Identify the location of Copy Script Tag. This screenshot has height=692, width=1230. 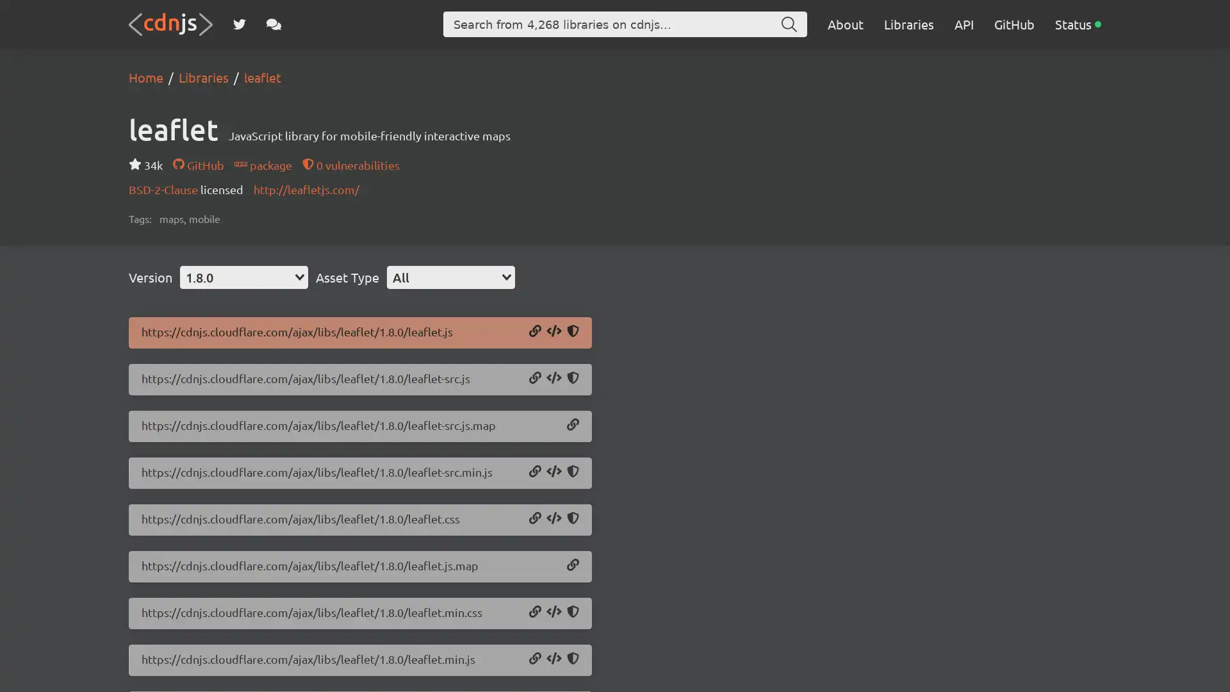
(553, 659).